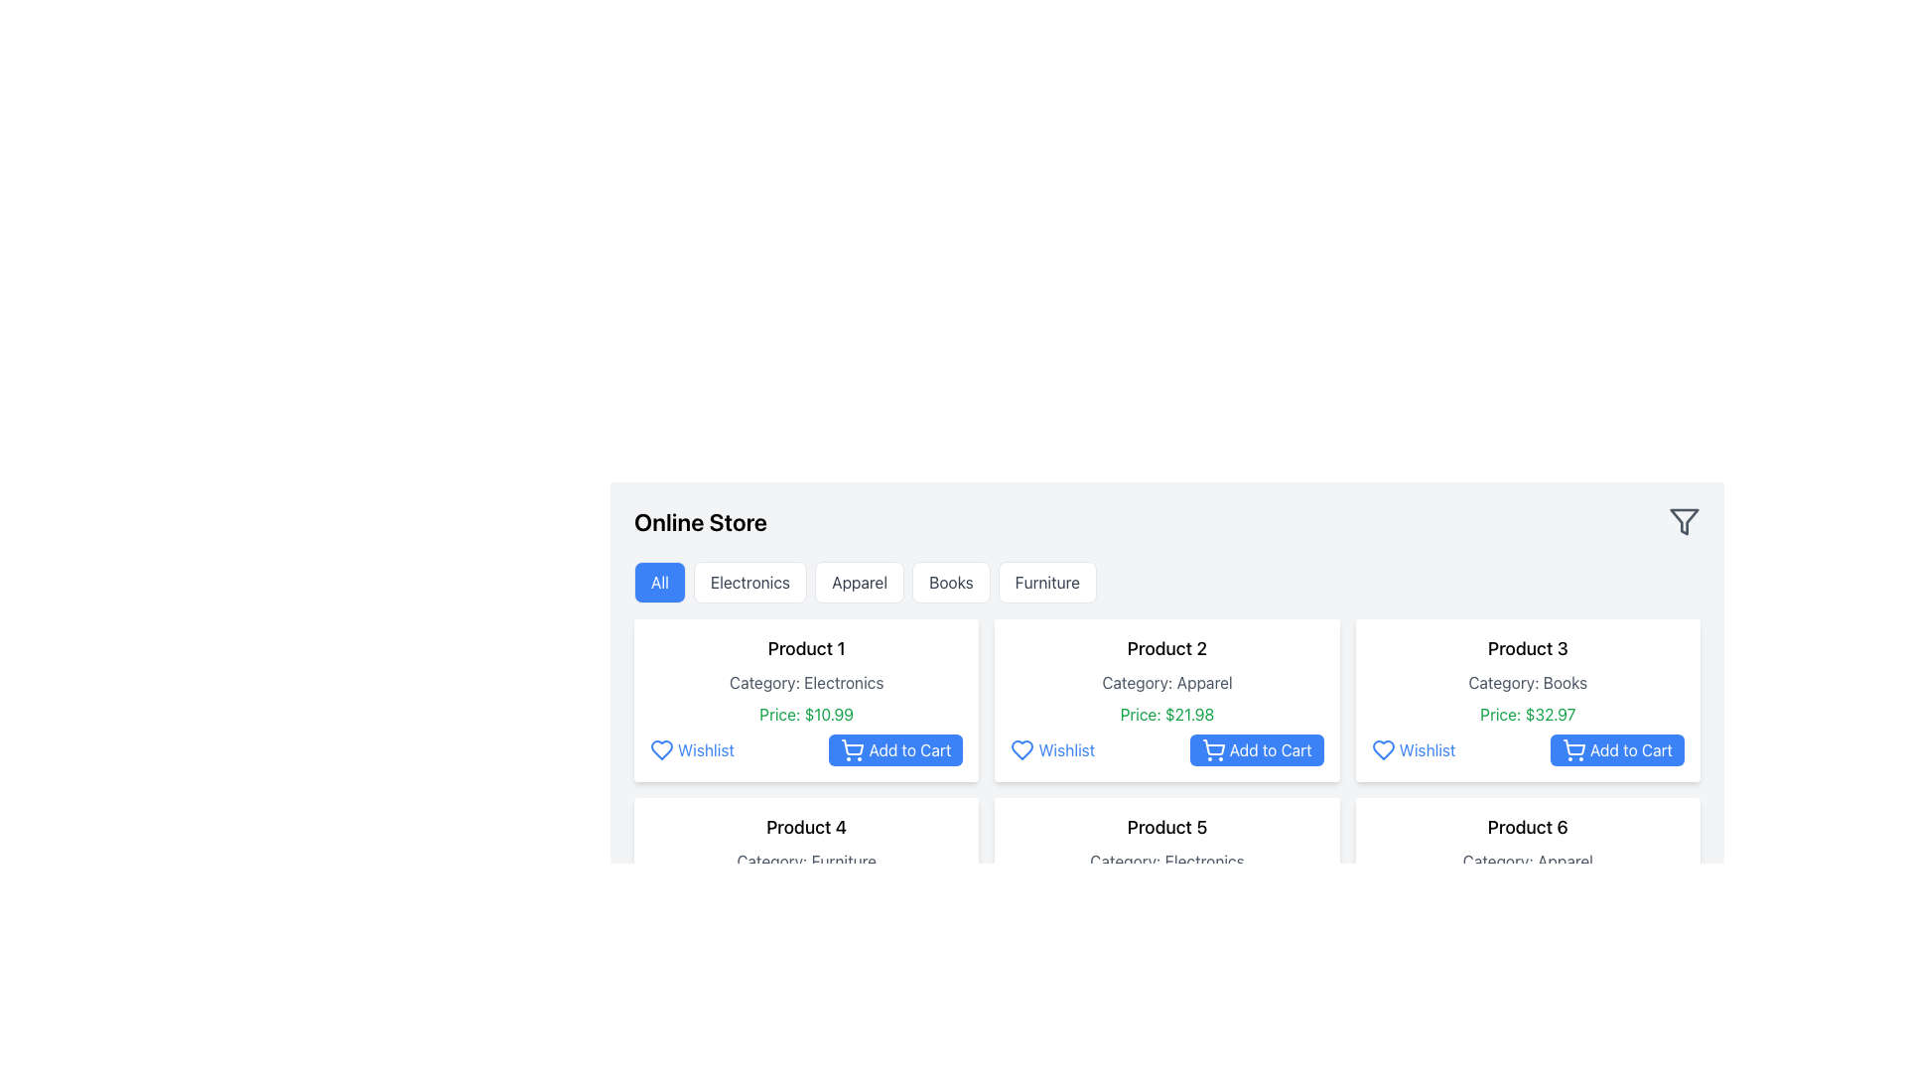 This screenshot has width=1906, height=1072. I want to click on the price text label that displays the cost information for 'Product 3', located under 'Category: Books' and above the 'Wishlist' and 'Add to Cart' buttons, so click(1527, 715).